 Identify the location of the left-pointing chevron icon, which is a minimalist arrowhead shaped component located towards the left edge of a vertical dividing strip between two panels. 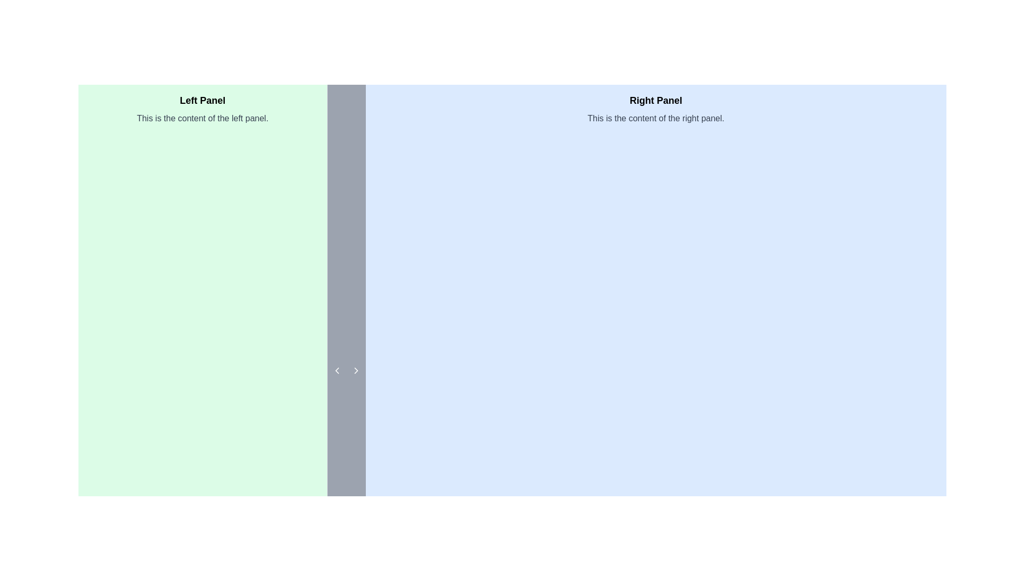
(336, 370).